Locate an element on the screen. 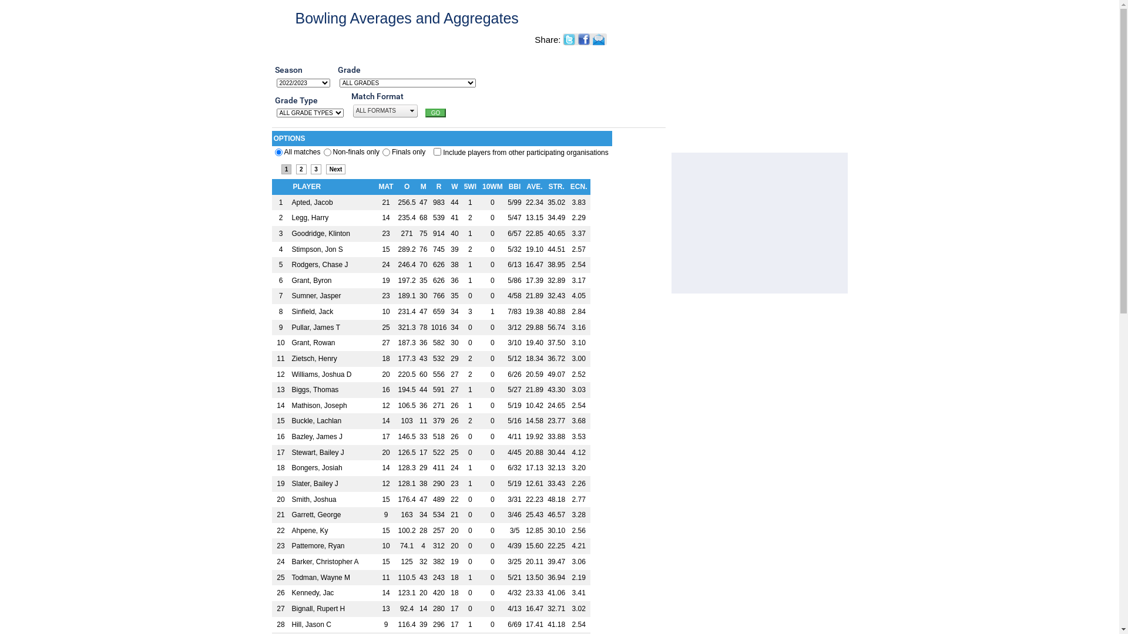 The width and height of the screenshot is (1128, 634). '5WI' is located at coordinates (470, 186).